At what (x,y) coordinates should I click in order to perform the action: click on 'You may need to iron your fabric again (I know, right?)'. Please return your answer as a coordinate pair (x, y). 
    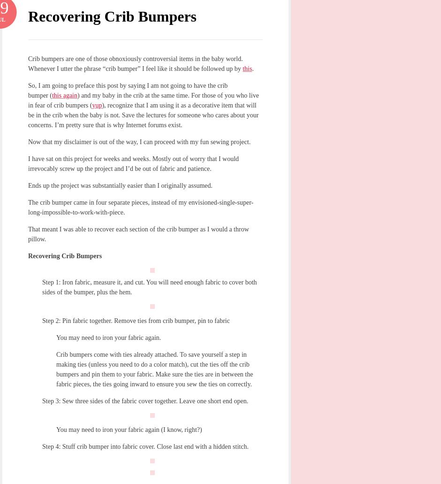
    Looking at the image, I should click on (129, 430).